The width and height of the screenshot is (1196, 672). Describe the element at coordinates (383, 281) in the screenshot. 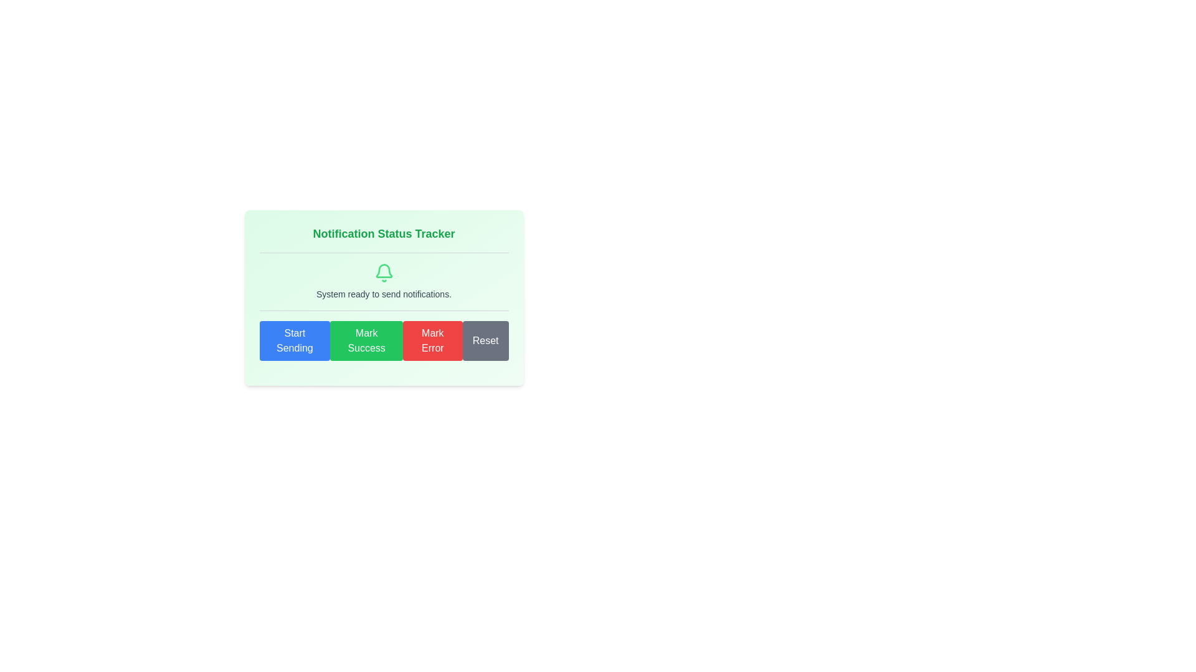

I see `the status message text element located beneath the 'Notification Status Tracker' heading, which provides feedback about the current state of the system` at that location.